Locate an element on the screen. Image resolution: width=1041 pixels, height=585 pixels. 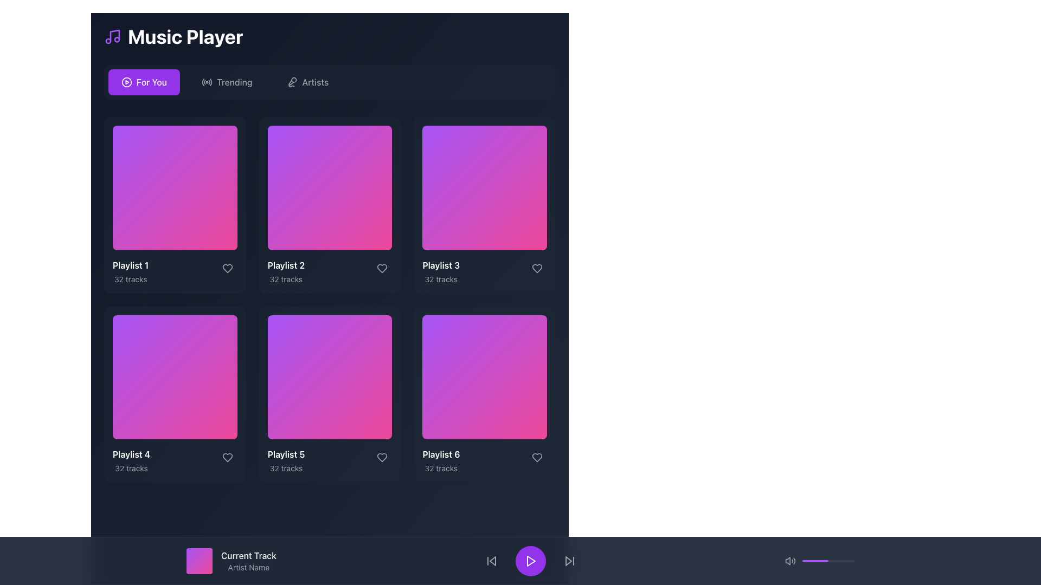
the text label reading 'Playlist 6', styled with white, bold font, located above the '32 tracks' label in the playlist card is located at coordinates (441, 454).